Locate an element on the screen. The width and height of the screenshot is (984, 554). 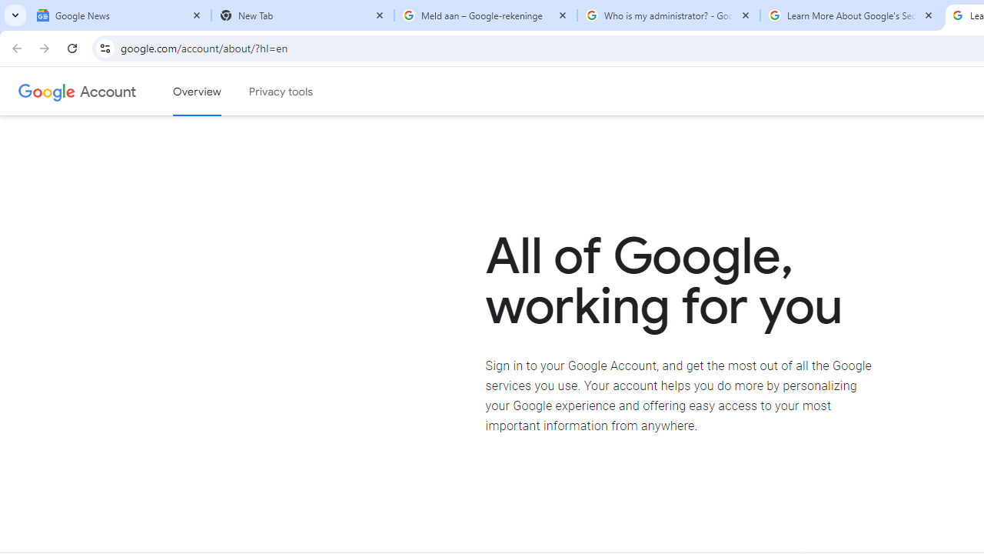
'Reload' is located at coordinates (71, 47).